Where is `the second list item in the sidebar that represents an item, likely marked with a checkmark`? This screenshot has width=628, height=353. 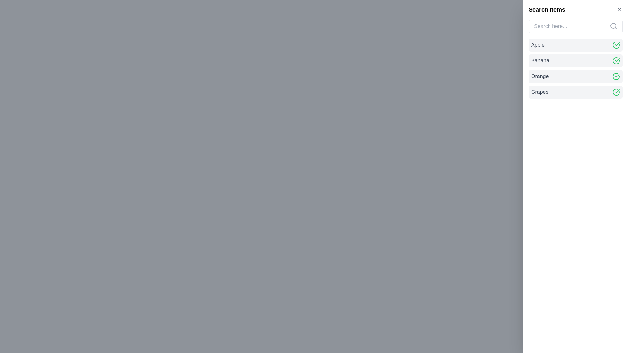 the second list item in the sidebar that represents an item, likely marked with a checkmark is located at coordinates (576, 60).